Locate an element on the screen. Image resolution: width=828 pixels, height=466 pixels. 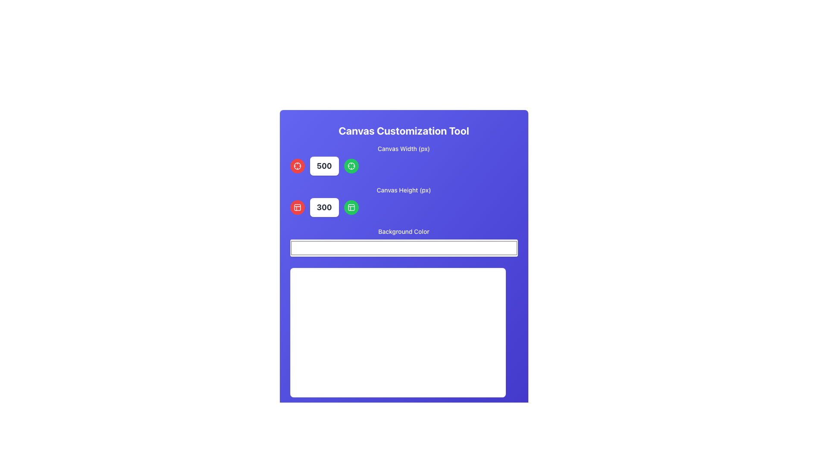
the Canvas or Content Box located at the center of the layout, beneath the 'Background Color' input field, serving as a display region for content is located at coordinates (397, 332).